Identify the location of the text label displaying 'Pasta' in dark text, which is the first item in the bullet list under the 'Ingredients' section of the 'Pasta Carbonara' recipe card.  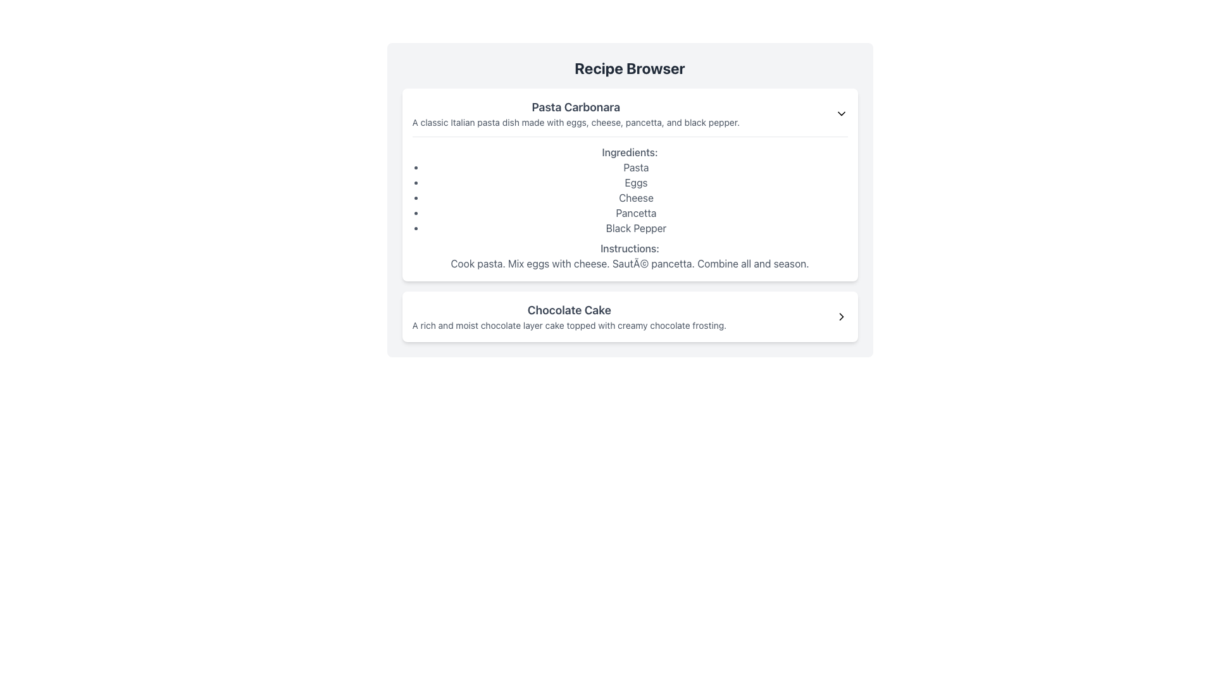
(636, 167).